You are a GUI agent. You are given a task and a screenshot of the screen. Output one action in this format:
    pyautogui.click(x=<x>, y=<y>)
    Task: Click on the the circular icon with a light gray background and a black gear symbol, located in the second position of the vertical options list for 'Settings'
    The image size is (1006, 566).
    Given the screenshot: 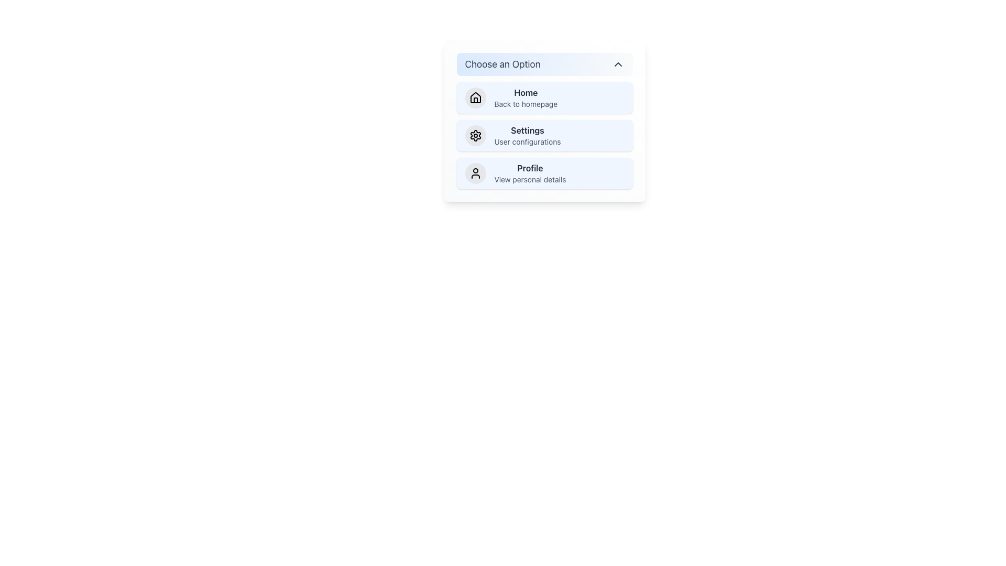 What is the action you would take?
    pyautogui.click(x=475, y=135)
    